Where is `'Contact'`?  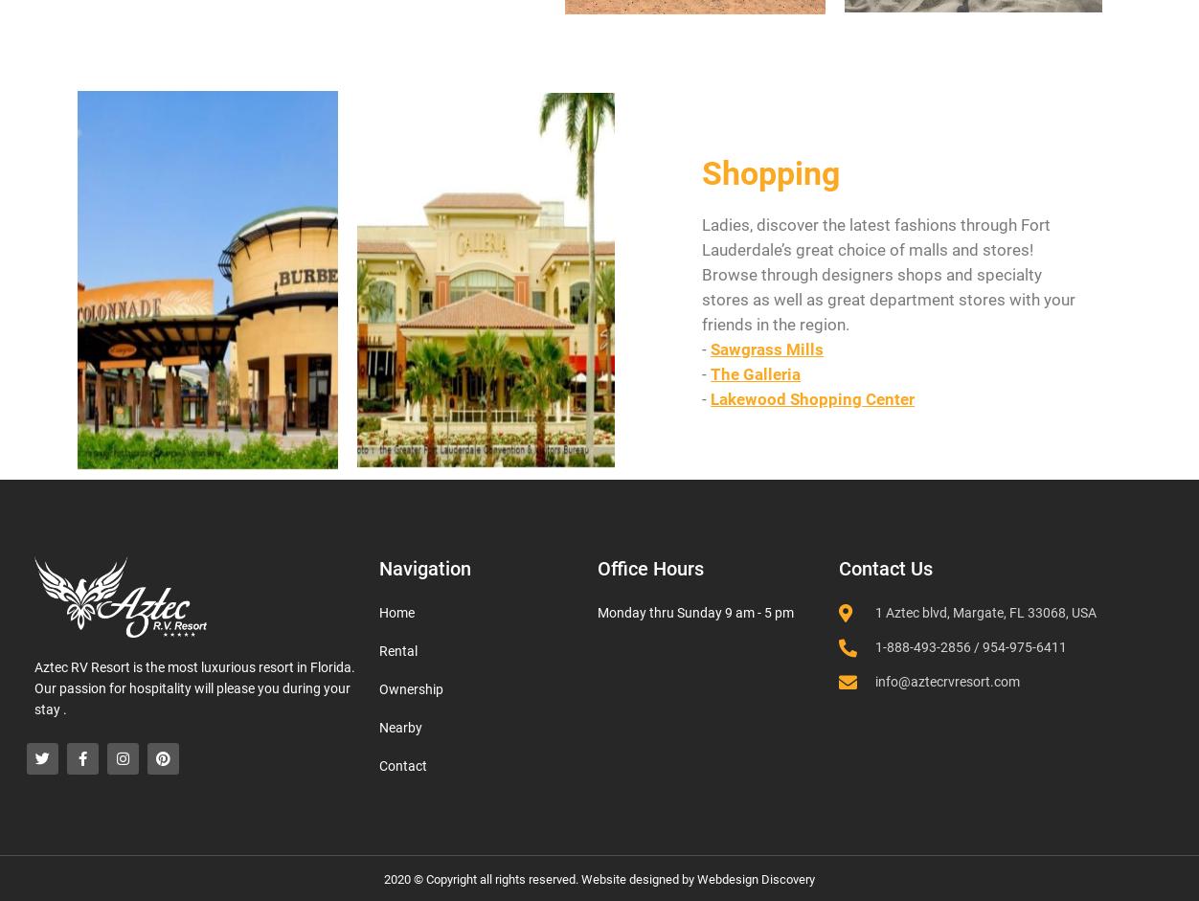 'Contact' is located at coordinates (378, 766).